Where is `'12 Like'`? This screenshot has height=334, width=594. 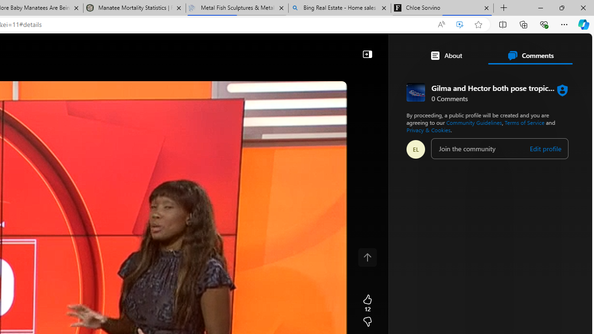
'12 Like' is located at coordinates (367, 303).